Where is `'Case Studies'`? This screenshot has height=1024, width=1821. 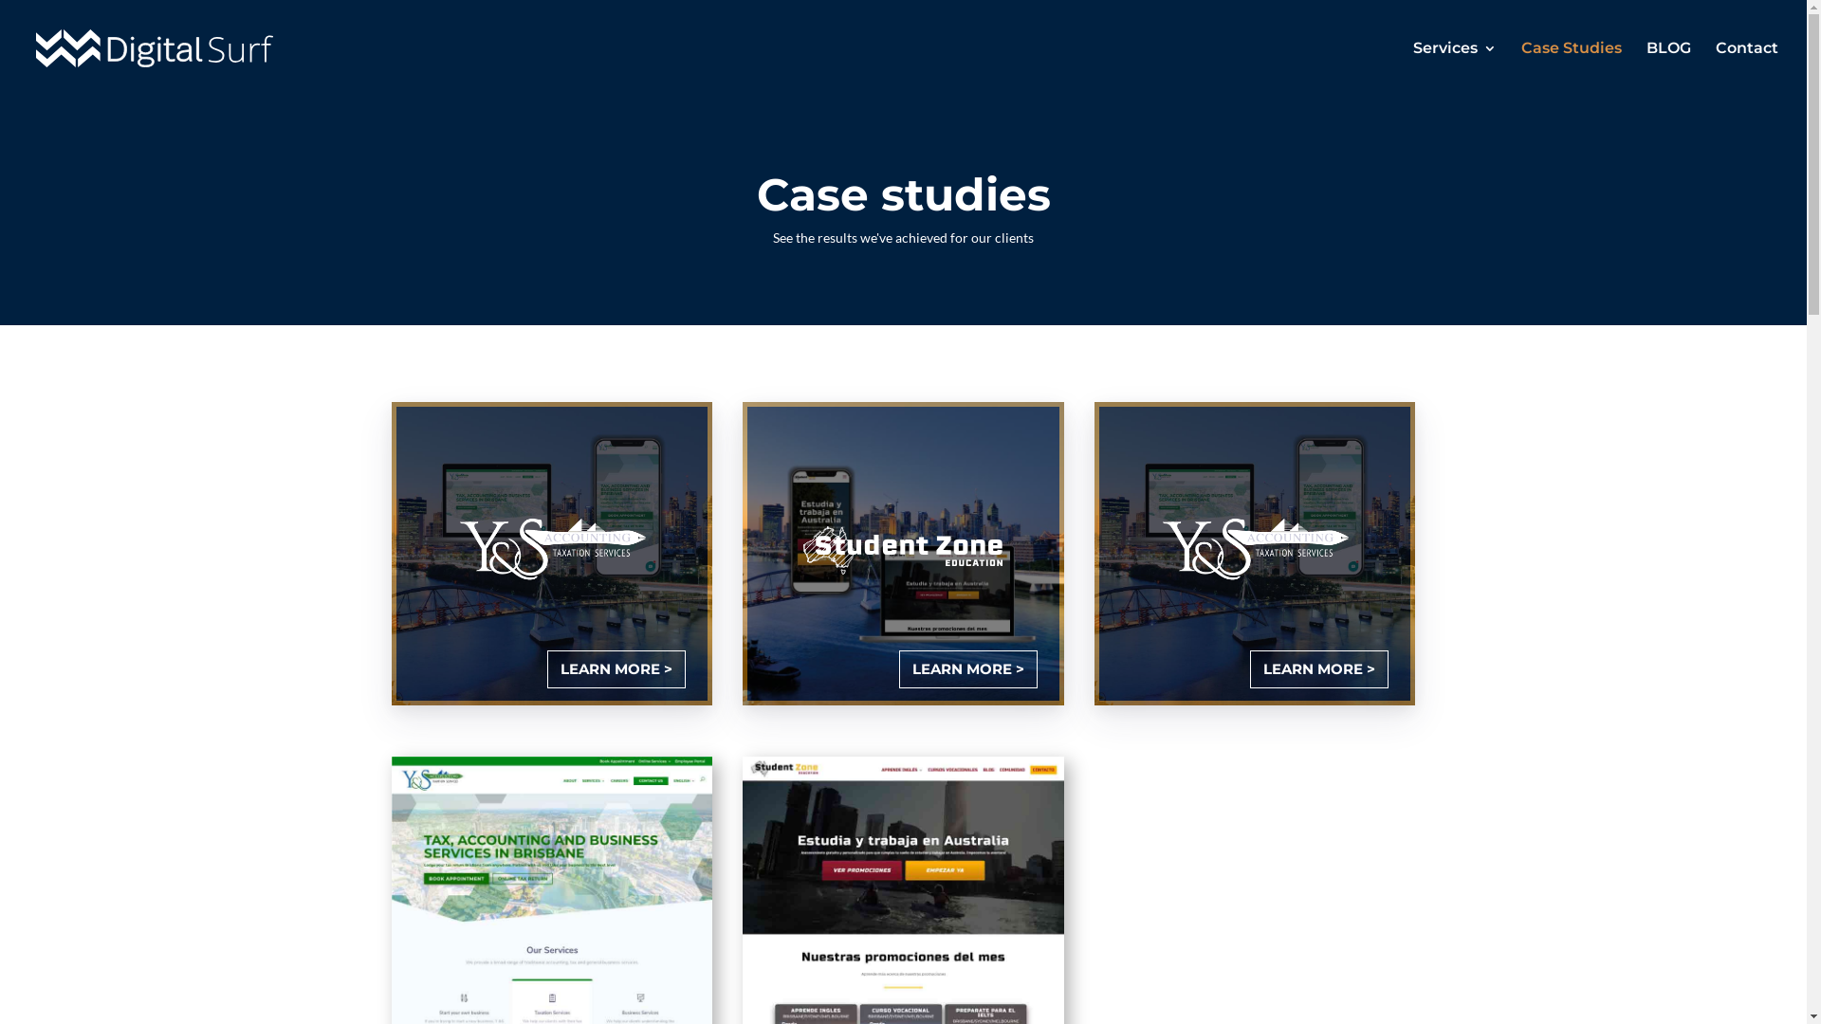
'Case Studies' is located at coordinates (1520, 68).